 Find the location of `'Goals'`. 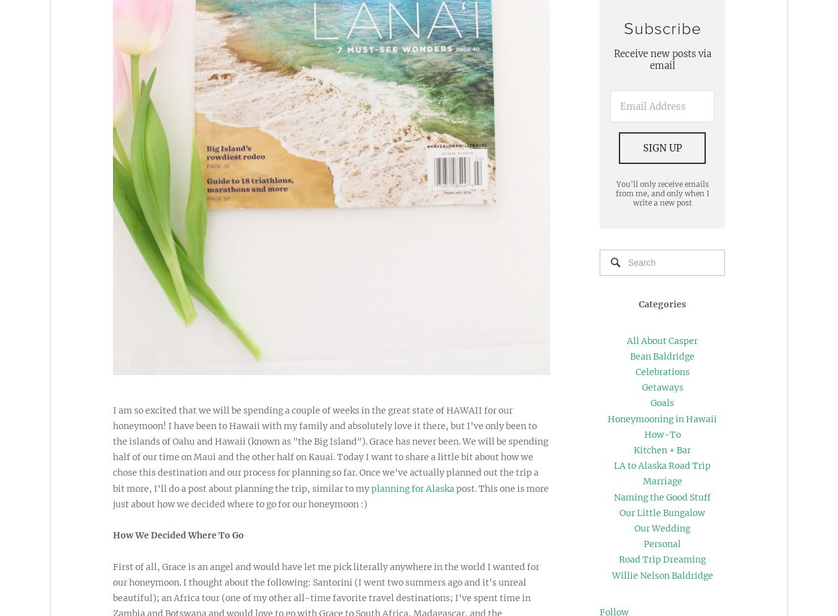

'Goals' is located at coordinates (662, 402).